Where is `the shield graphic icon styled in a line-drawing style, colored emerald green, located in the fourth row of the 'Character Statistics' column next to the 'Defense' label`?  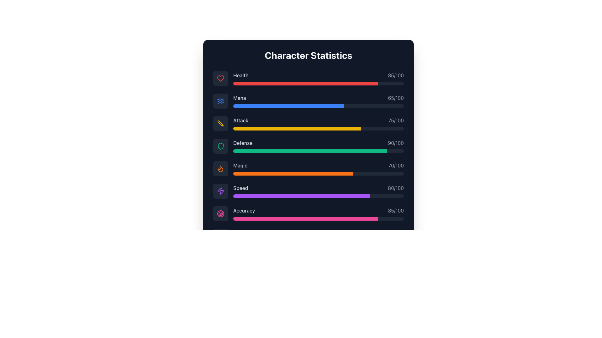
the shield graphic icon styled in a line-drawing style, colored emerald green, located in the fourth row of the 'Character Statistics' column next to the 'Defense' label is located at coordinates (221, 146).